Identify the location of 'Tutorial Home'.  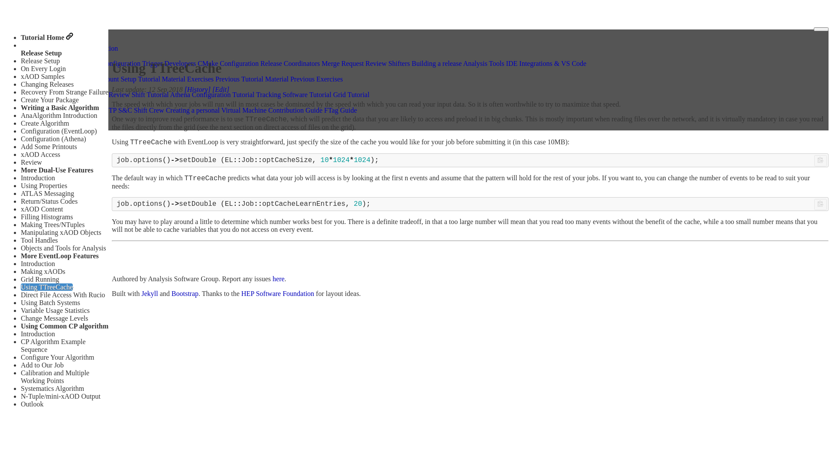
(46, 37).